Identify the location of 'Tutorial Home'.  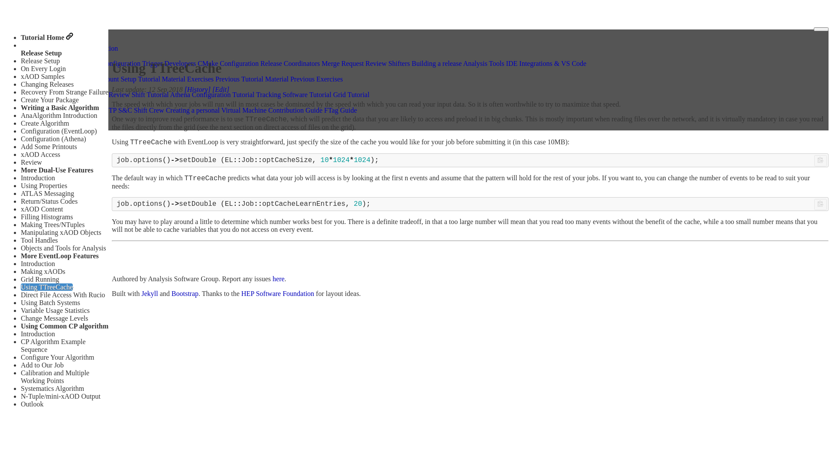
(46, 37).